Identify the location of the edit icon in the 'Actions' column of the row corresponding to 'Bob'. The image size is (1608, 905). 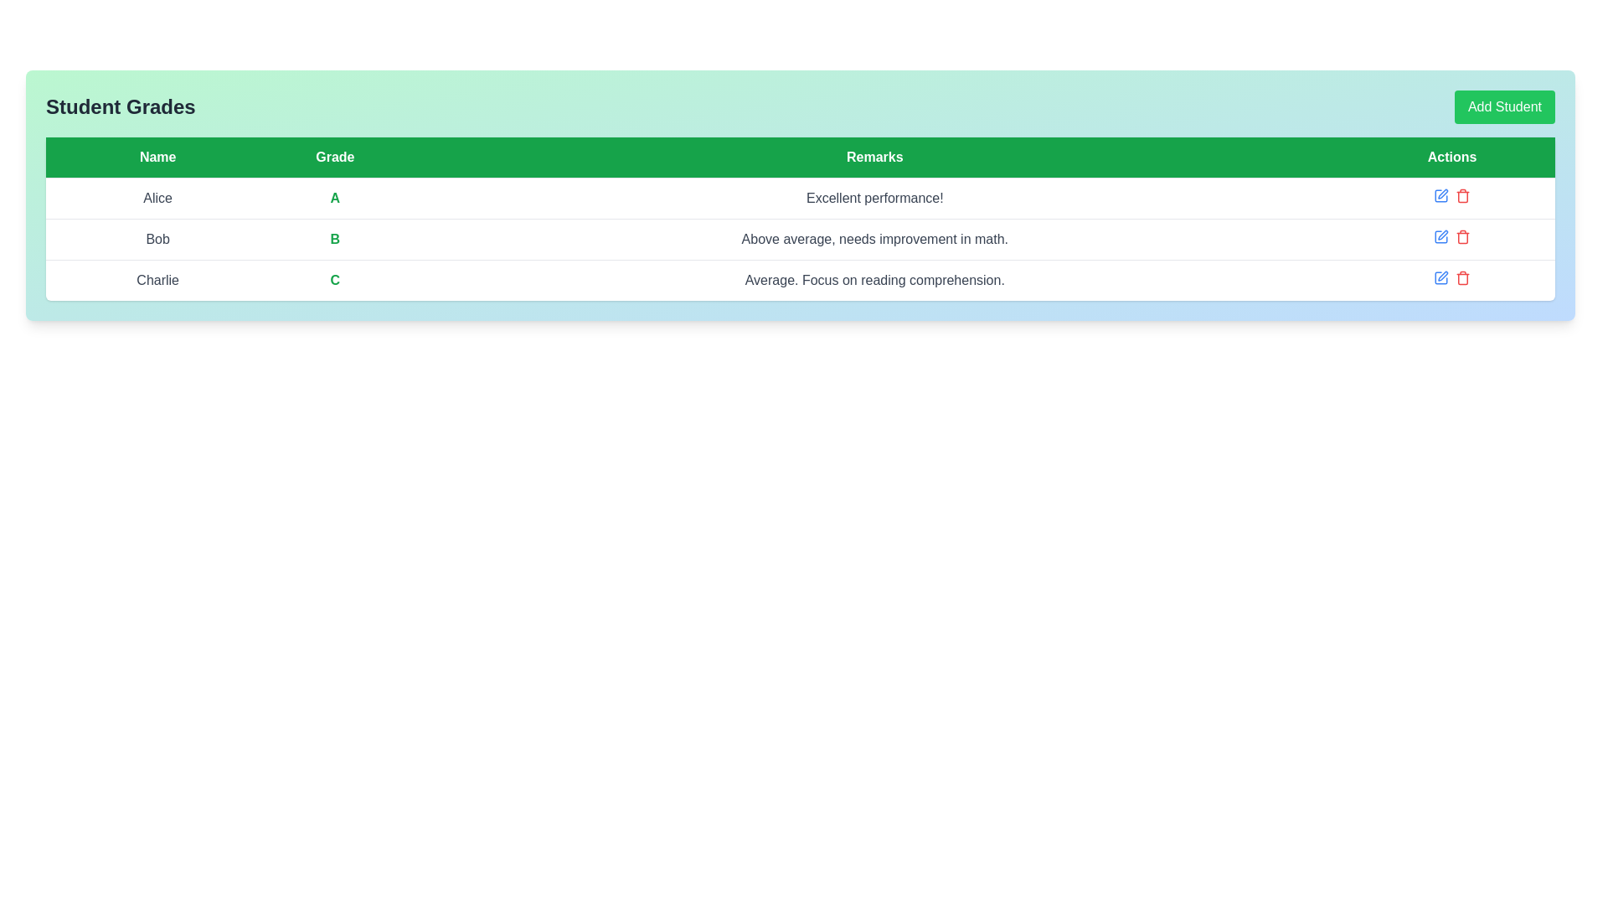
(1451, 236).